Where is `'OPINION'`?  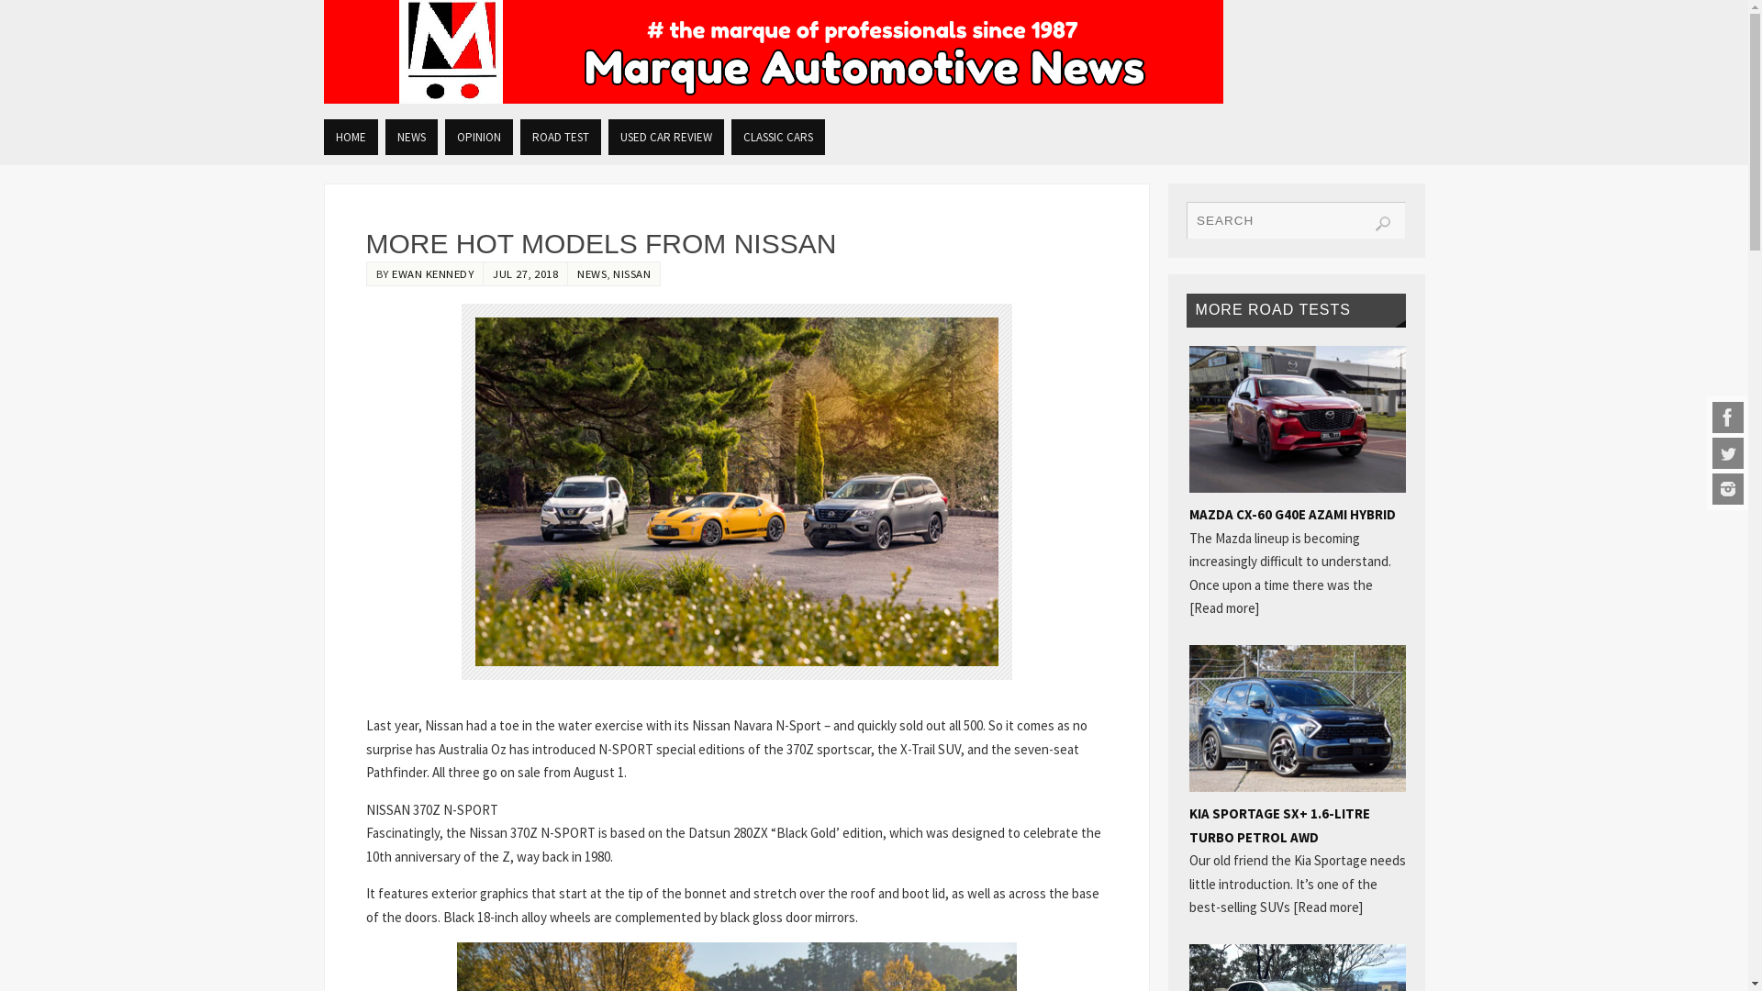 'OPINION' is located at coordinates (478, 136).